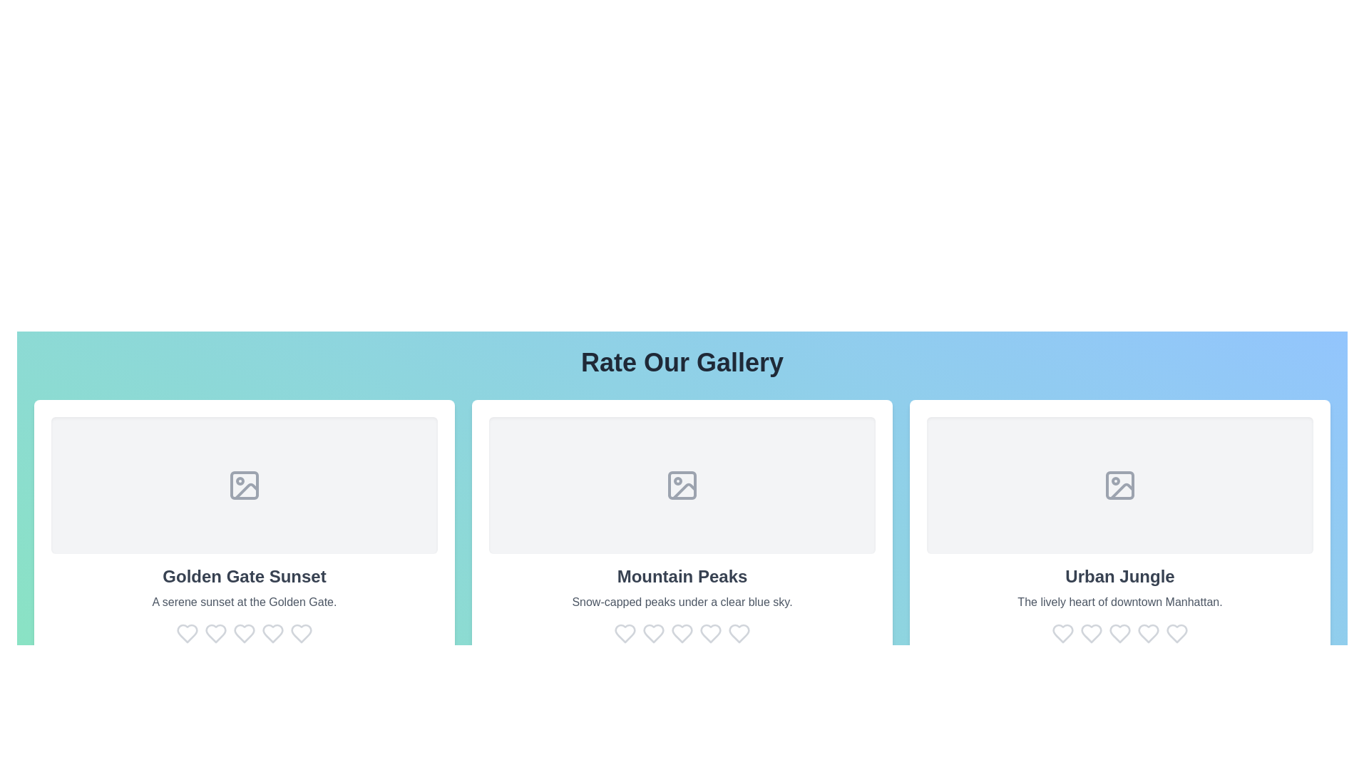 The image size is (1369, 770). What do you see at coordinates (1119, 485) in the screenshot?
I see `the image placeholder for Urban Jungle` at bounding box center [1119, 485].